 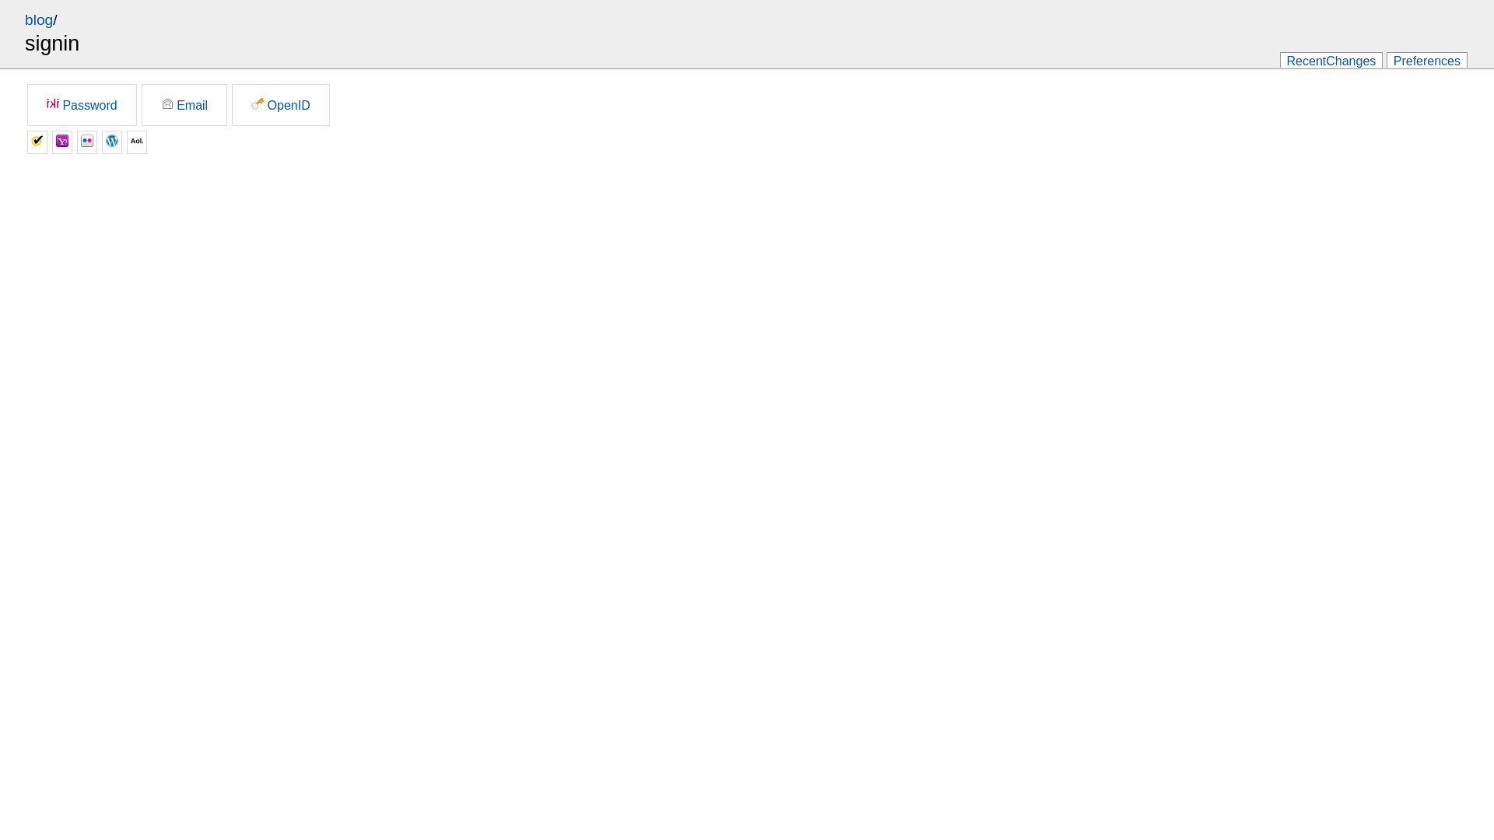 I want to click on 'Preferences', so click(x=1393, y=60).